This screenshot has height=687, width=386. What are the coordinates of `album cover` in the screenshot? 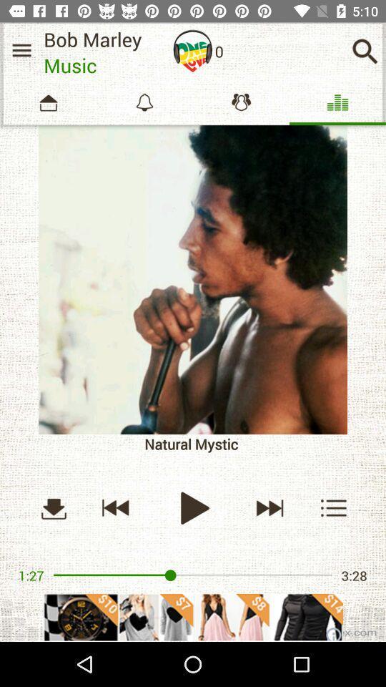 It's located at (193, 279).